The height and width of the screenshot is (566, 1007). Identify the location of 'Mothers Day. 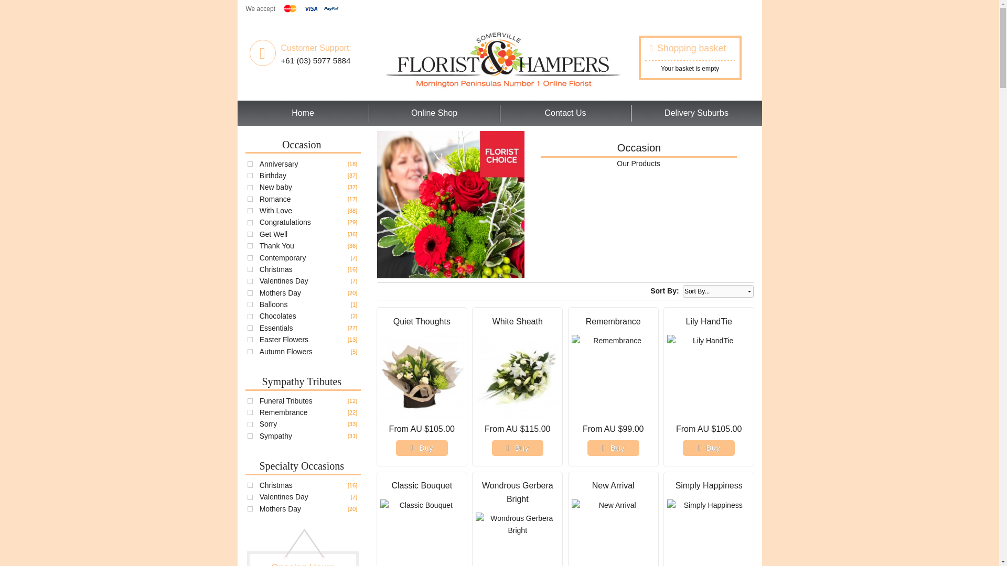
(280, 508).